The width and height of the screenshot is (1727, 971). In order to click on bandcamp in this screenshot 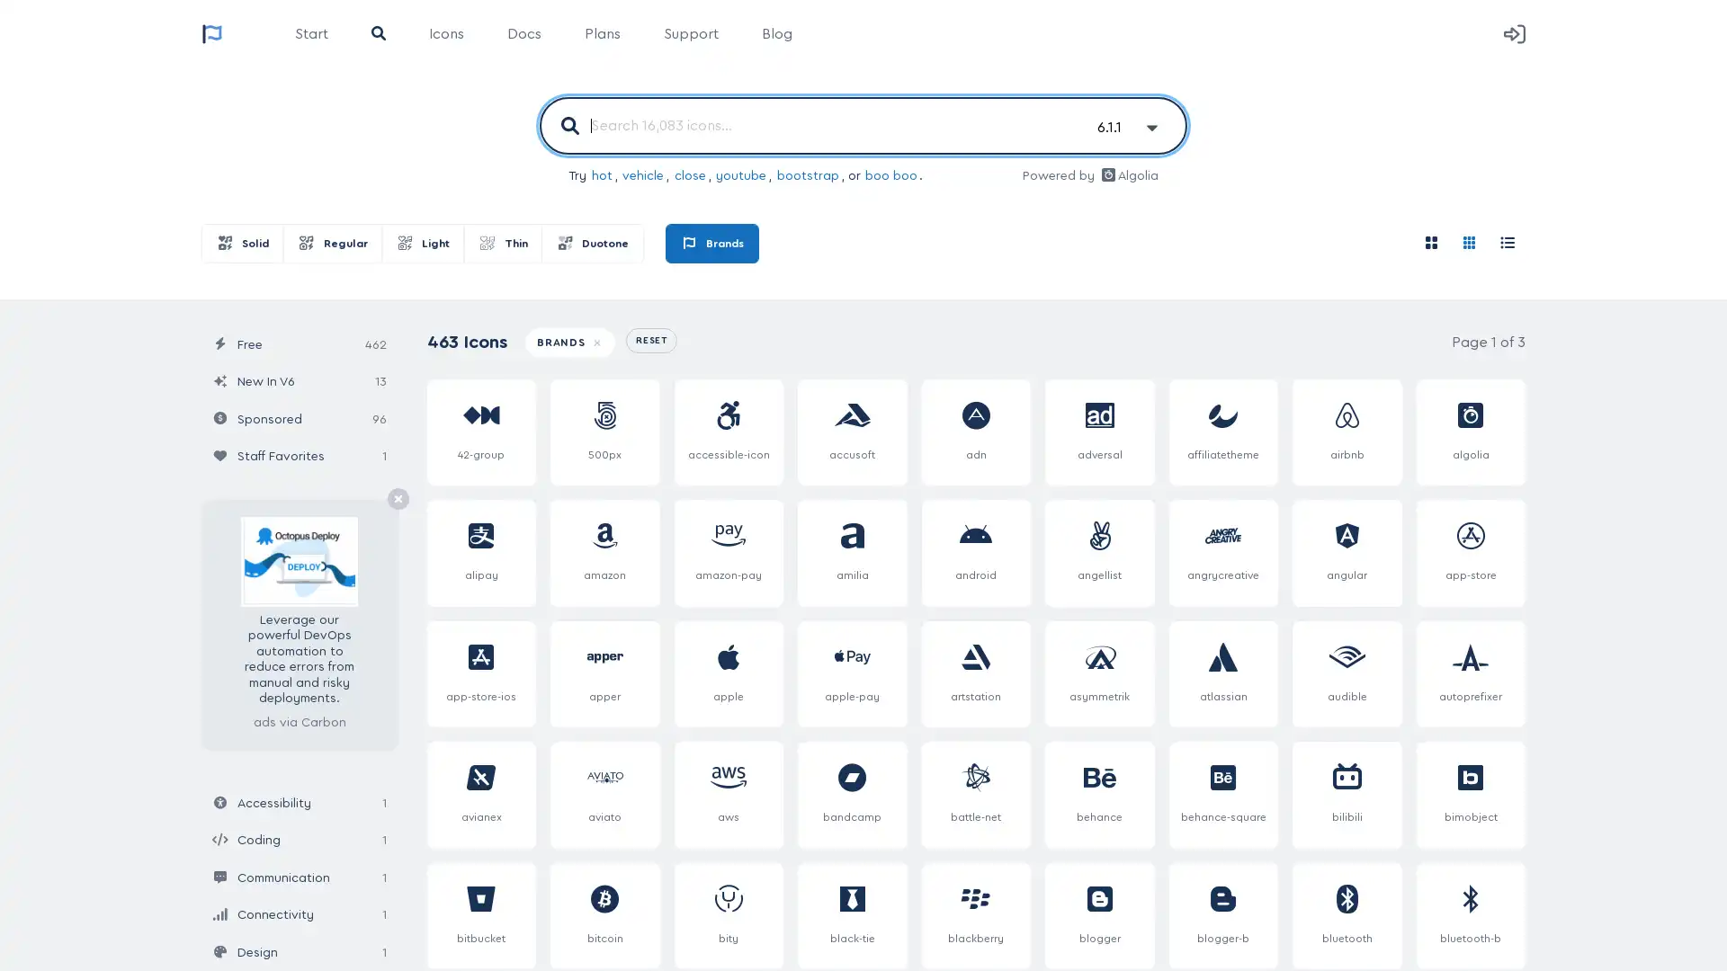, I will do `click(851, 806)`.